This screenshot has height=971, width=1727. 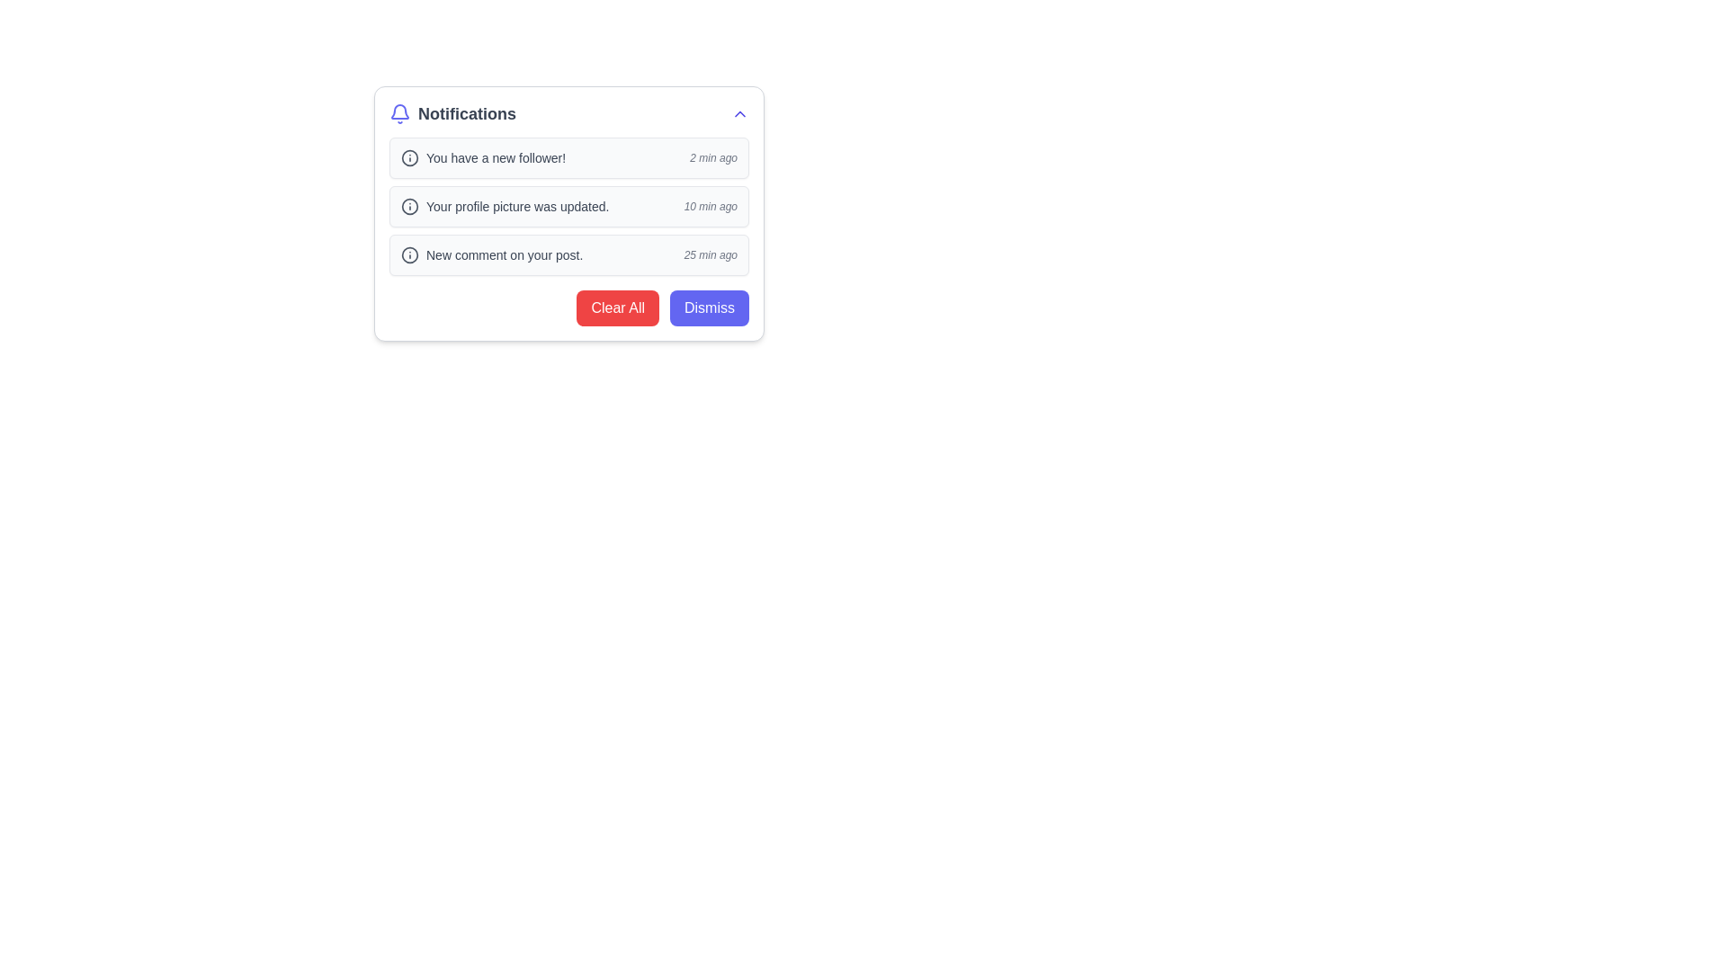 What do you see at coordinates (708, 307) in the screenshot?
I see `the blue 'Dismiss' button with white text located in the bottom right corner of the notification panel` at bounding box center [708, 307].